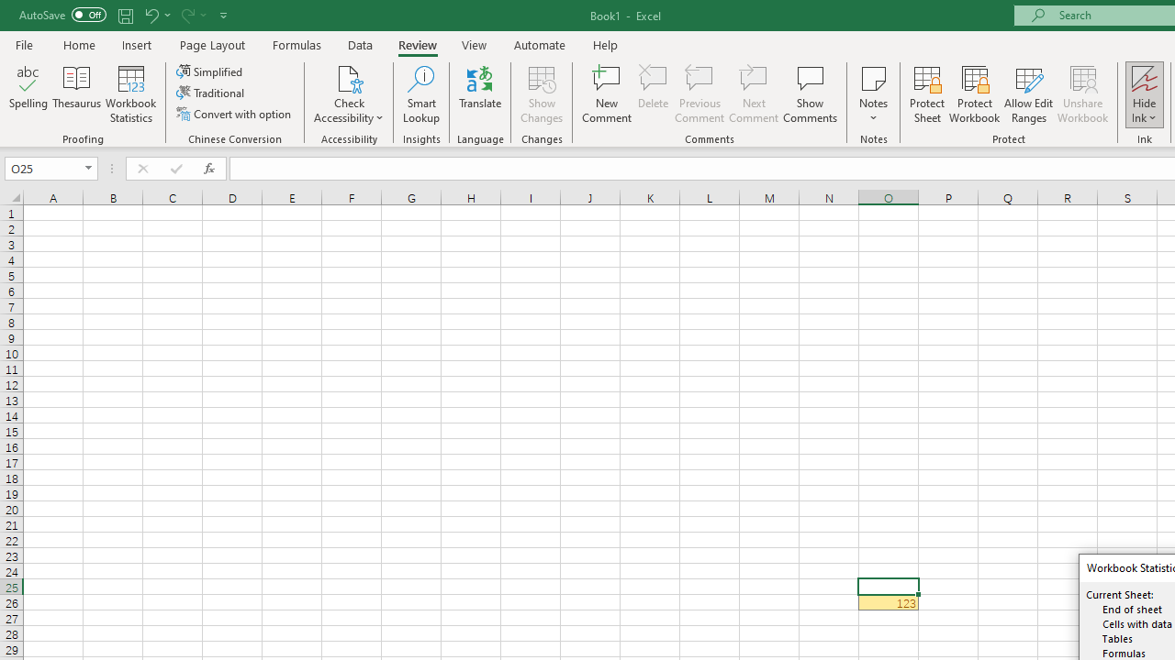 The width and height of the screenshot is (1175, 660). Describe the element at coordinates (211, 71) in the screenshot. I see `'Simplified'` at that location.